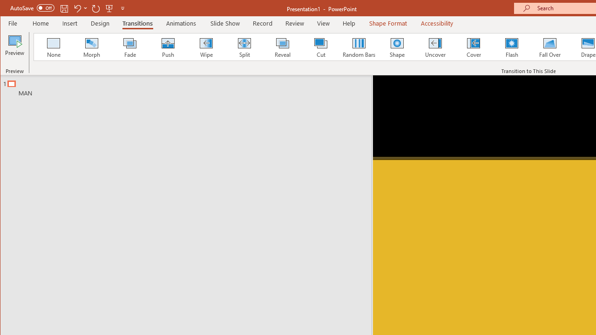 Image resolution: width=596 pixels, height=335 pixels. Describe the element at coordinates (473, 47) in the screenshot. I see `'Cover'` at that location.